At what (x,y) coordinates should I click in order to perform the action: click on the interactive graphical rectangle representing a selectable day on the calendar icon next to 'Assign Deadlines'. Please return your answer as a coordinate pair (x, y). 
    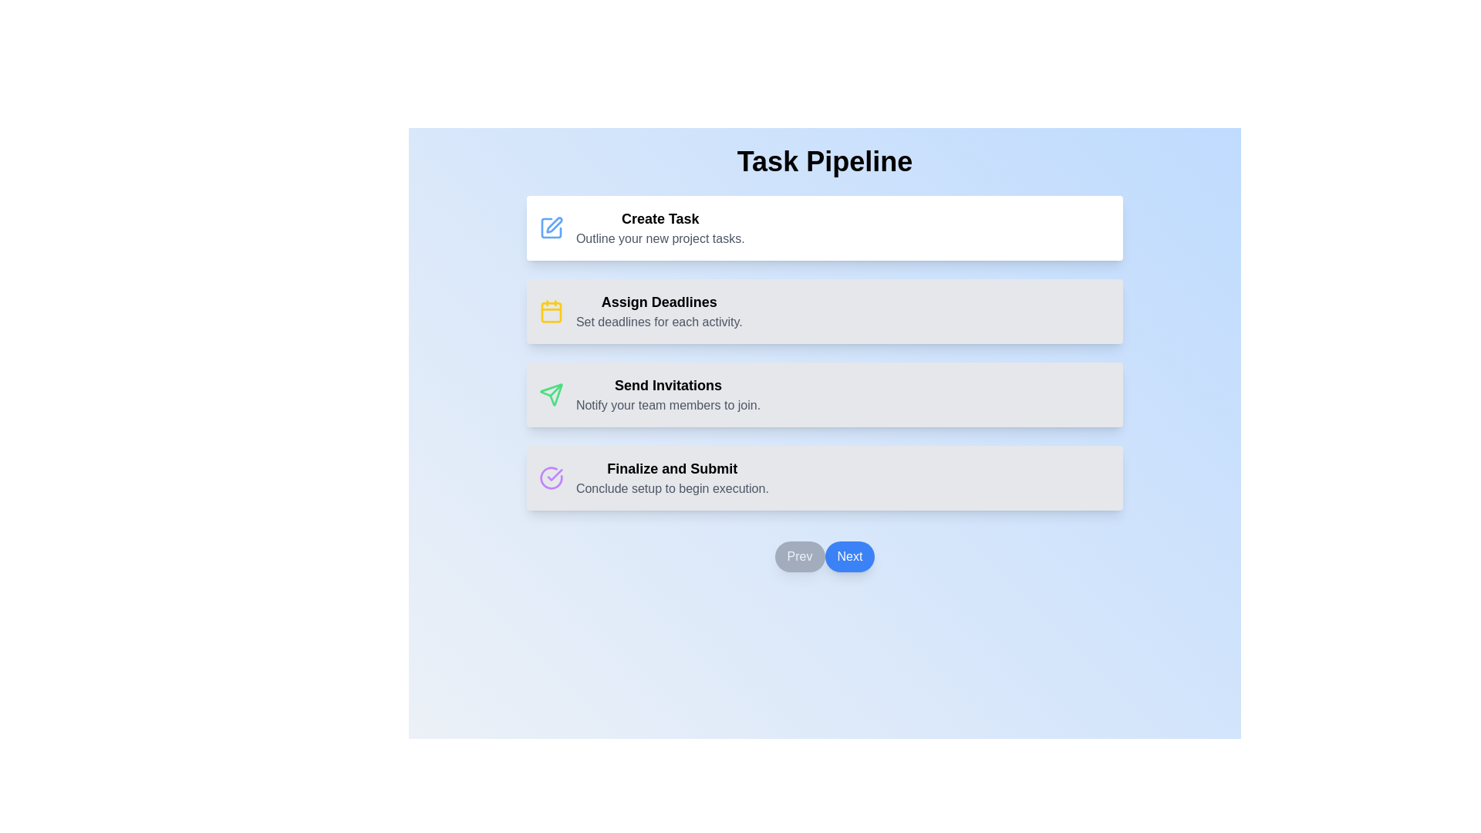
    Looking at the image, I should click on (551, 312).